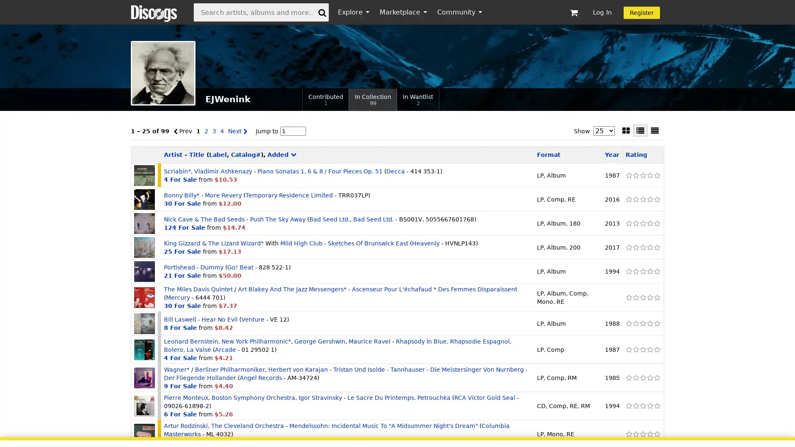  Describe the element at coordinates (572, 429) in the screenshot. I see `Do Not Sell My Personal Information` at that location.